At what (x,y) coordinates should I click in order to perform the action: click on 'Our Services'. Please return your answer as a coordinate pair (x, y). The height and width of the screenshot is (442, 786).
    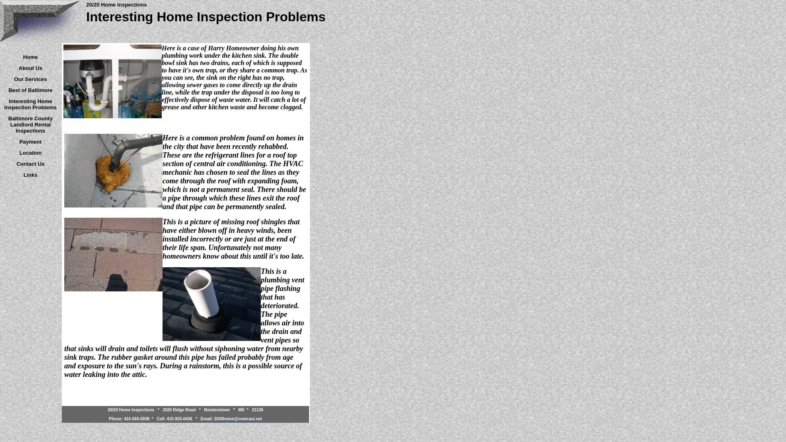
    Looking at the image, I should click on (30, 79).